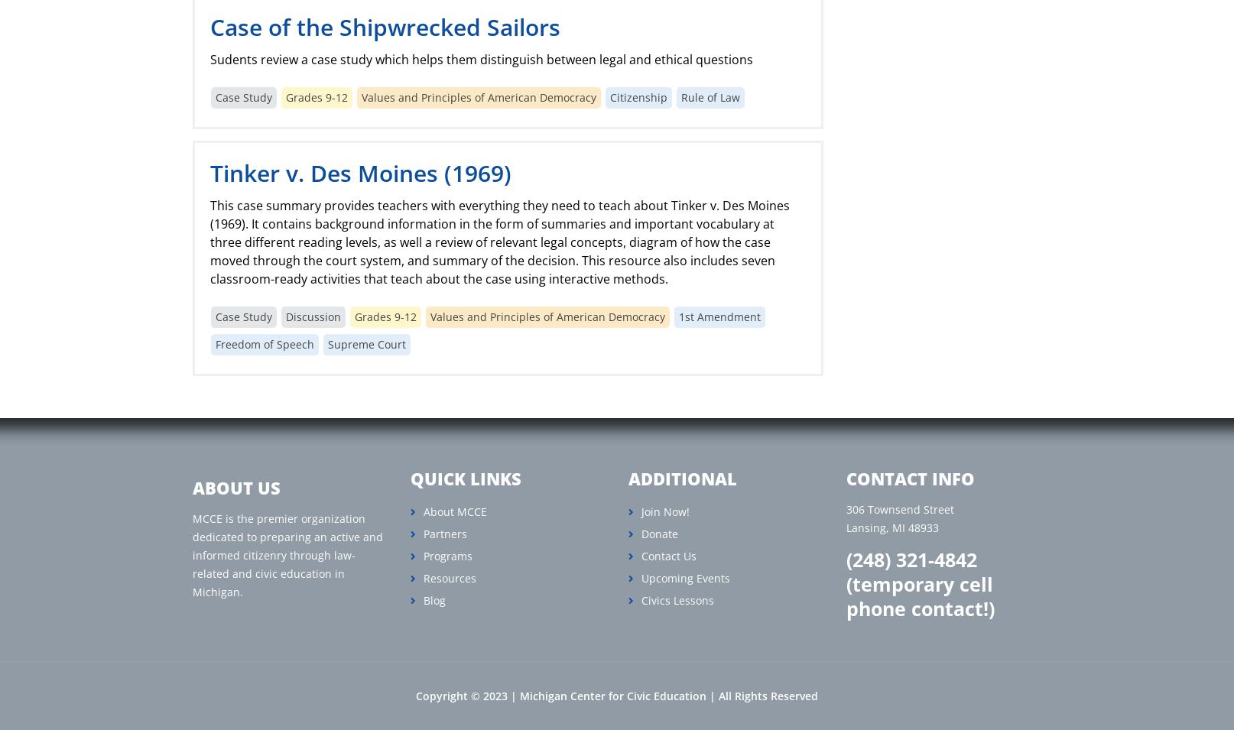 The height and width of the screenshot is (730, 1234). I want to click on 'Contact Us', so click(641, 555).